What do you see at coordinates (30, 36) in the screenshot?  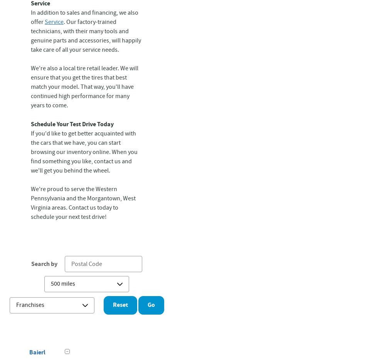 I see `'. Our factory-trained technicians, with their many tools and genuine parts and accessories, will happily take care of all your service needs.'` at bounding box center [30, 36].